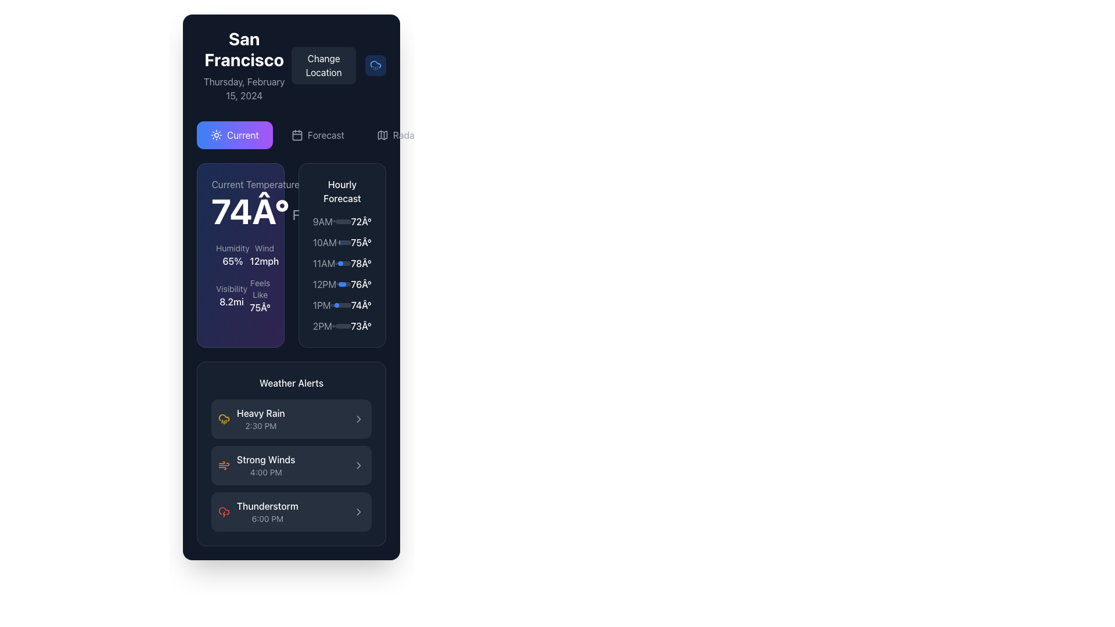 Image resolution: width=1115 pixels, height=627 pixels. What do you see at coordinates (358, 465) in the screenshot?
I see `the chevron icon located to the far right of the 'Strong Winds' alert` at bounding box center [358, 465].